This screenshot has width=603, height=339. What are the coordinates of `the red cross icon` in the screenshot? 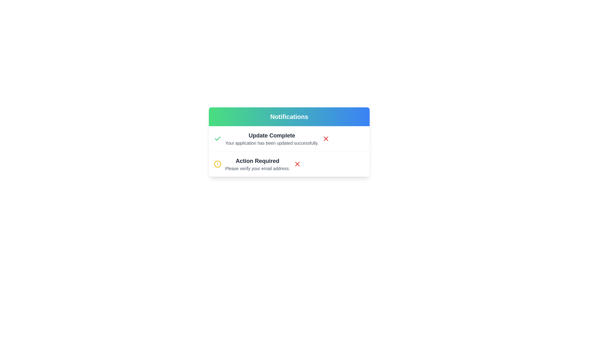 It's located at (326, 138).